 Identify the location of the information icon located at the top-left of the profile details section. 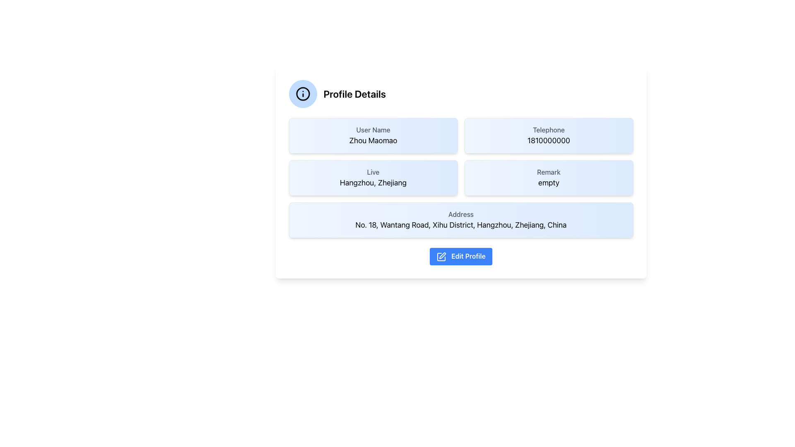
(302, 94).